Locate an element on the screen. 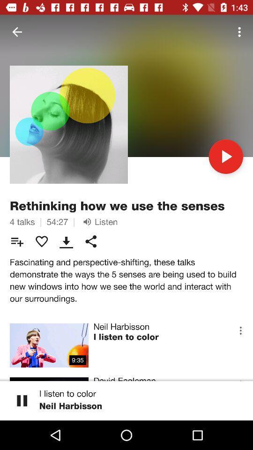 The height and width of the screenshot is (450, 253). item at the top right corner is located at coordinates (240, 32).